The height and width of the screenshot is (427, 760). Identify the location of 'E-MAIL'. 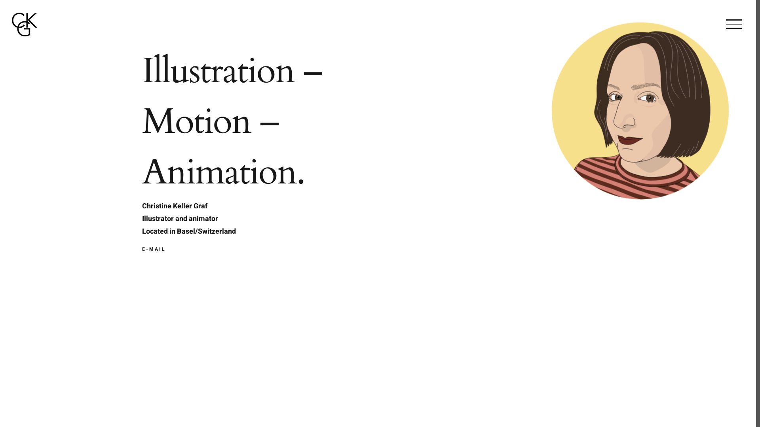
(154, 248).